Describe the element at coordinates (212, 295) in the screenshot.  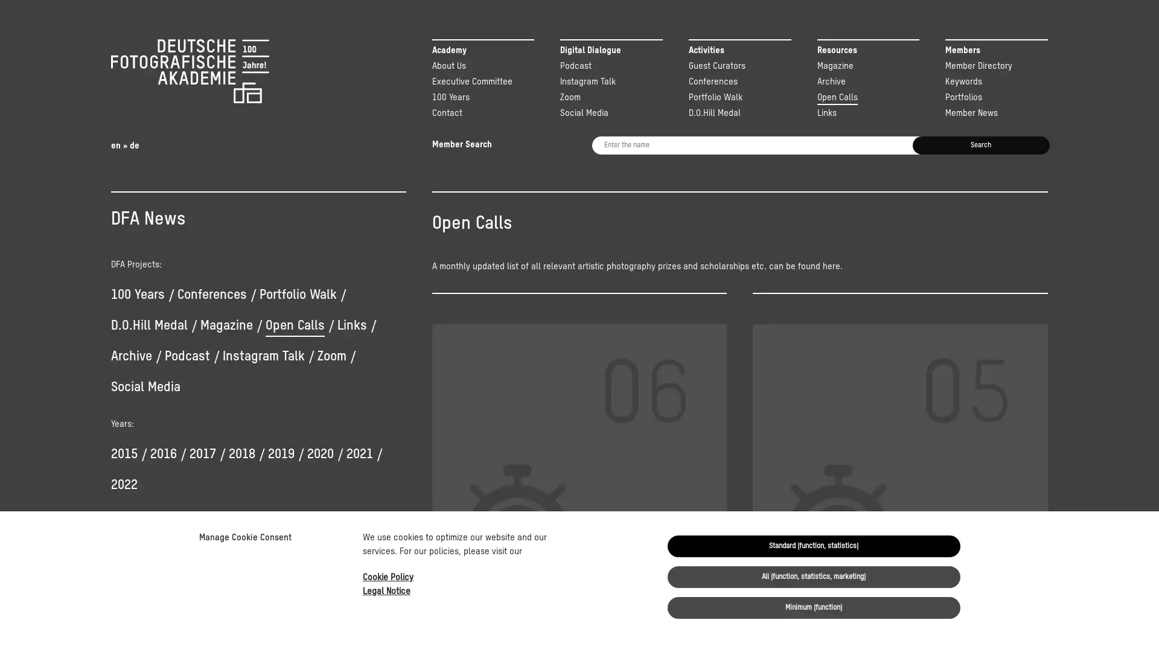
I see `Conferences` at that location.